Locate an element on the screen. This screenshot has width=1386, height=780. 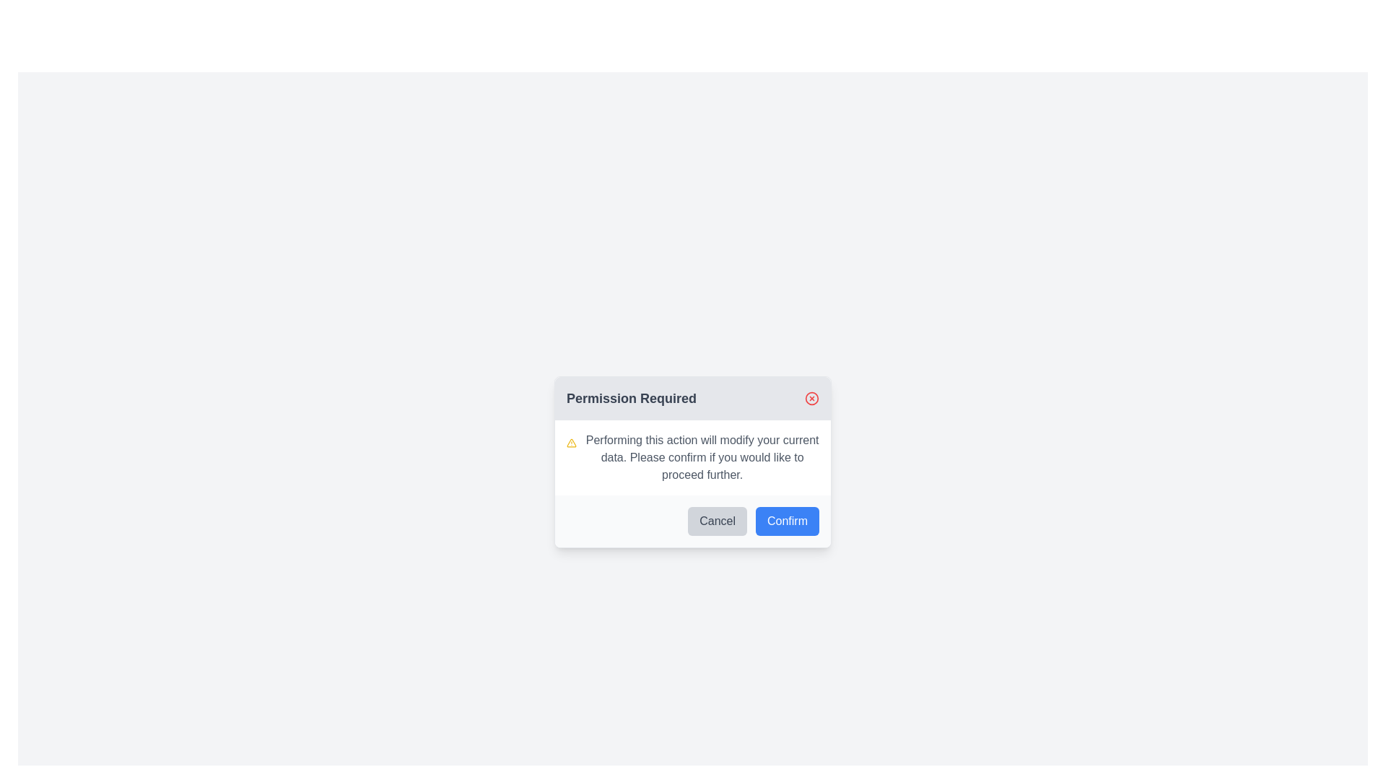
the 'Permission Required' text label, which is a bold, large heading in dark gray color located at the upper part of a card-like component within a modal dialog is located at coordinates (631, 398).